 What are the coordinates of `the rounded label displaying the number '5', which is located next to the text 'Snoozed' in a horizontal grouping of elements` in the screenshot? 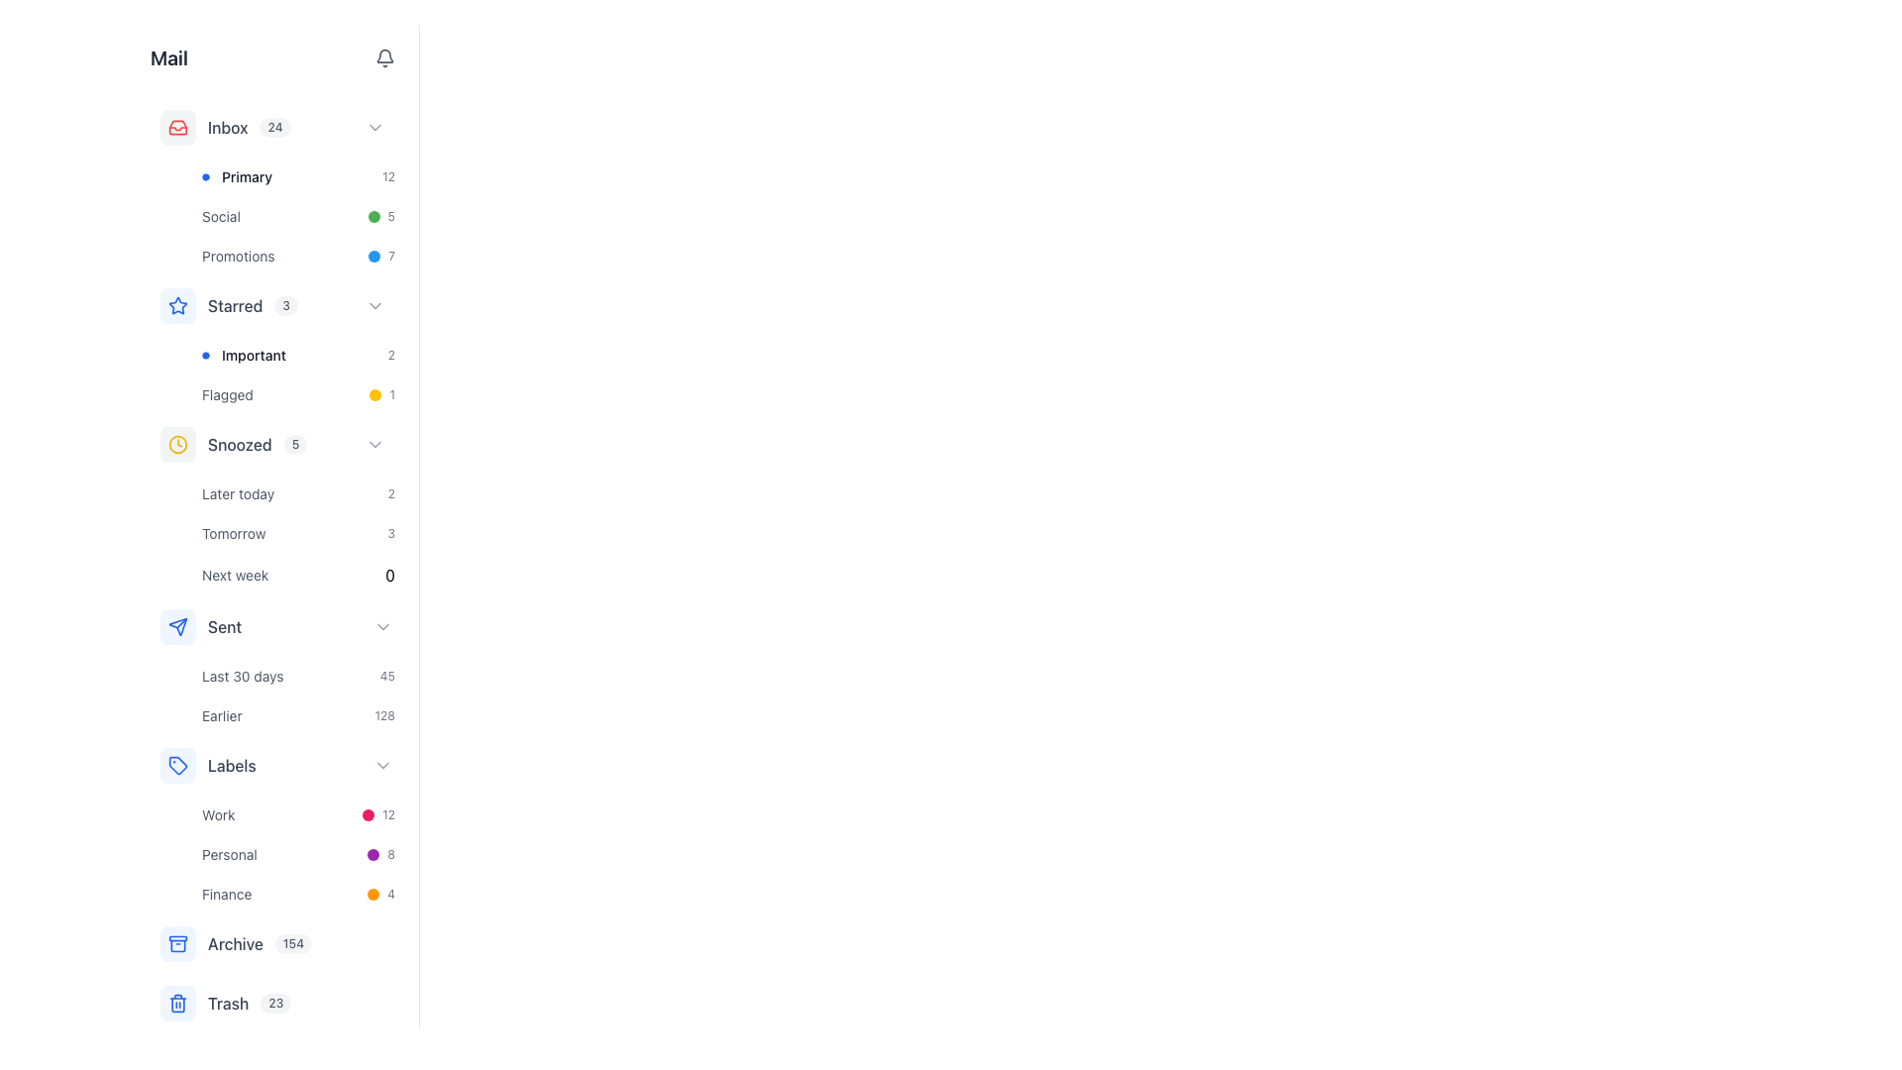 It's located at (294, 443).